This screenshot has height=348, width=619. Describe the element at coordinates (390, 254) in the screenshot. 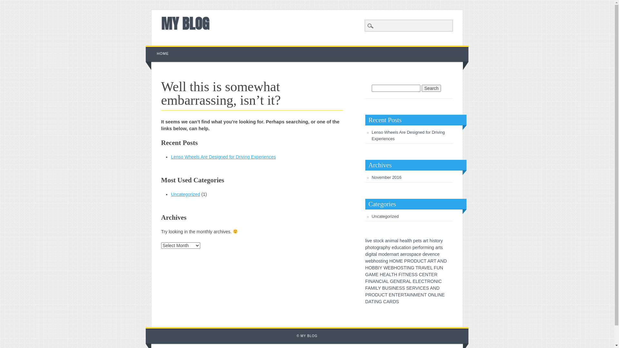

I see `'r'` at that location.